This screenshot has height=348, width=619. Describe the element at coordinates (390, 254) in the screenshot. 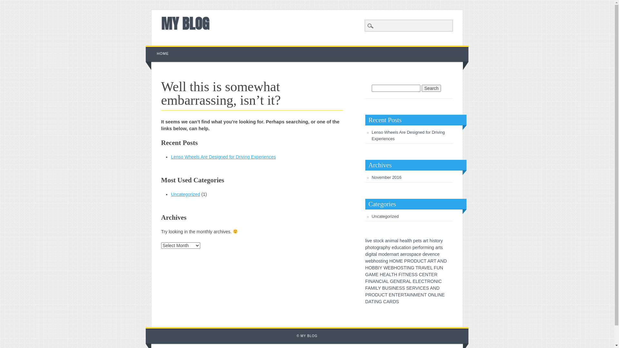

I see `'r'` at that location.